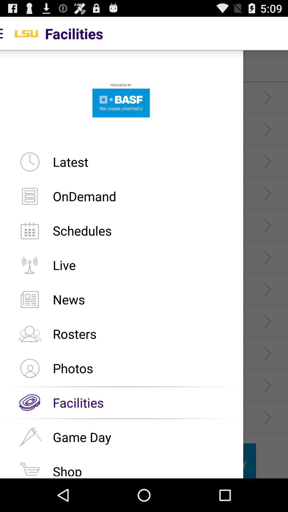 The width and height of the screenshot is (288, 512). I want to click on first arrow from down, so click(268, 417).